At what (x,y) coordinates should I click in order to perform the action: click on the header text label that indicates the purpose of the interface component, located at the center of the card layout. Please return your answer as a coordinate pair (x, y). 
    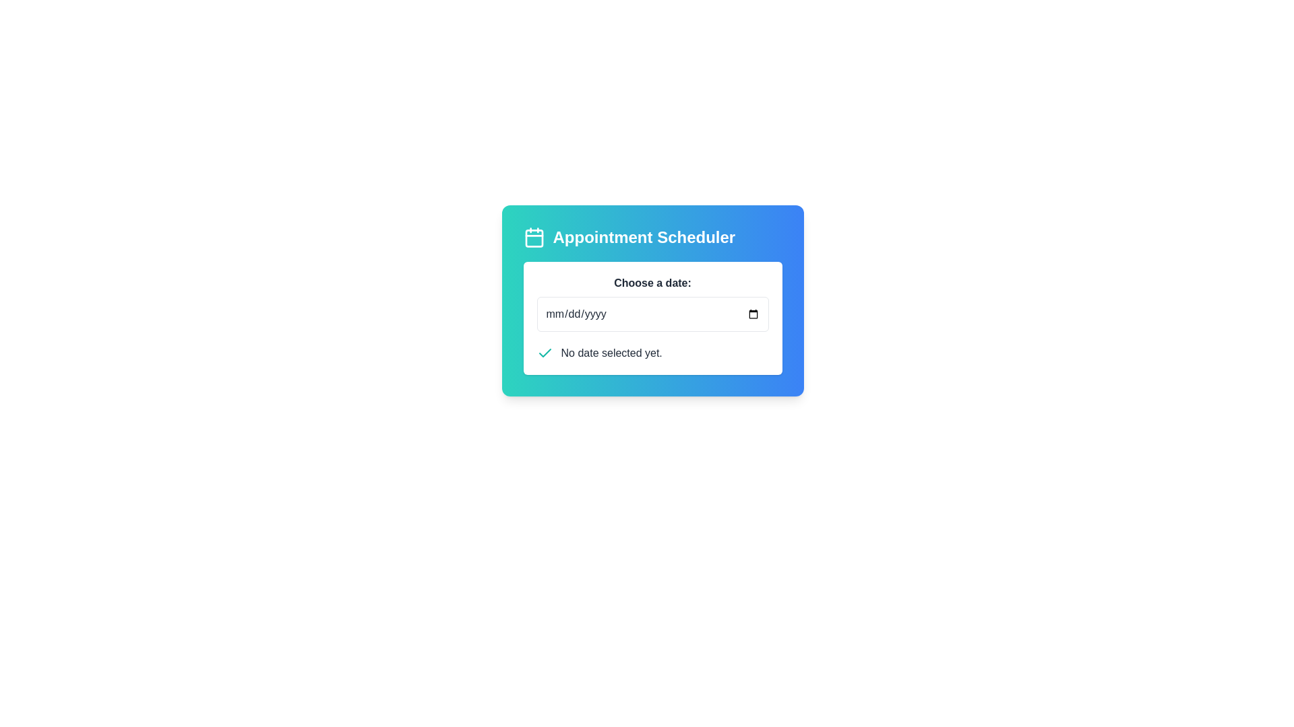
    Looking at the image, I should click on (643, 237).